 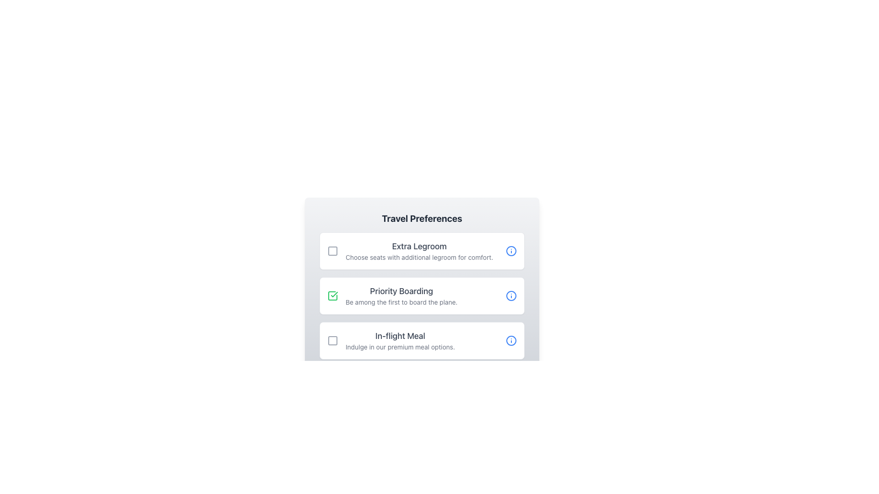 I want to click on information provided in the 'Priority Boarding' text block, which is centrally located in the second row of the 'Travel Preferences' section, so click(x=402, y=296).